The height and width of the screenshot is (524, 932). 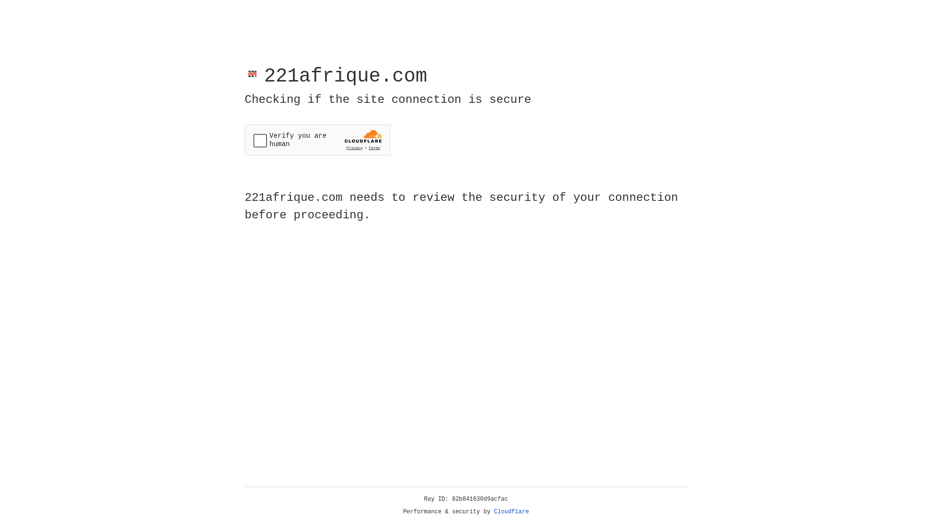 What do you see at coordinates (511, 511) in the screenshot?
I see `'Cloudflare'` at bounding box center [511, 511].